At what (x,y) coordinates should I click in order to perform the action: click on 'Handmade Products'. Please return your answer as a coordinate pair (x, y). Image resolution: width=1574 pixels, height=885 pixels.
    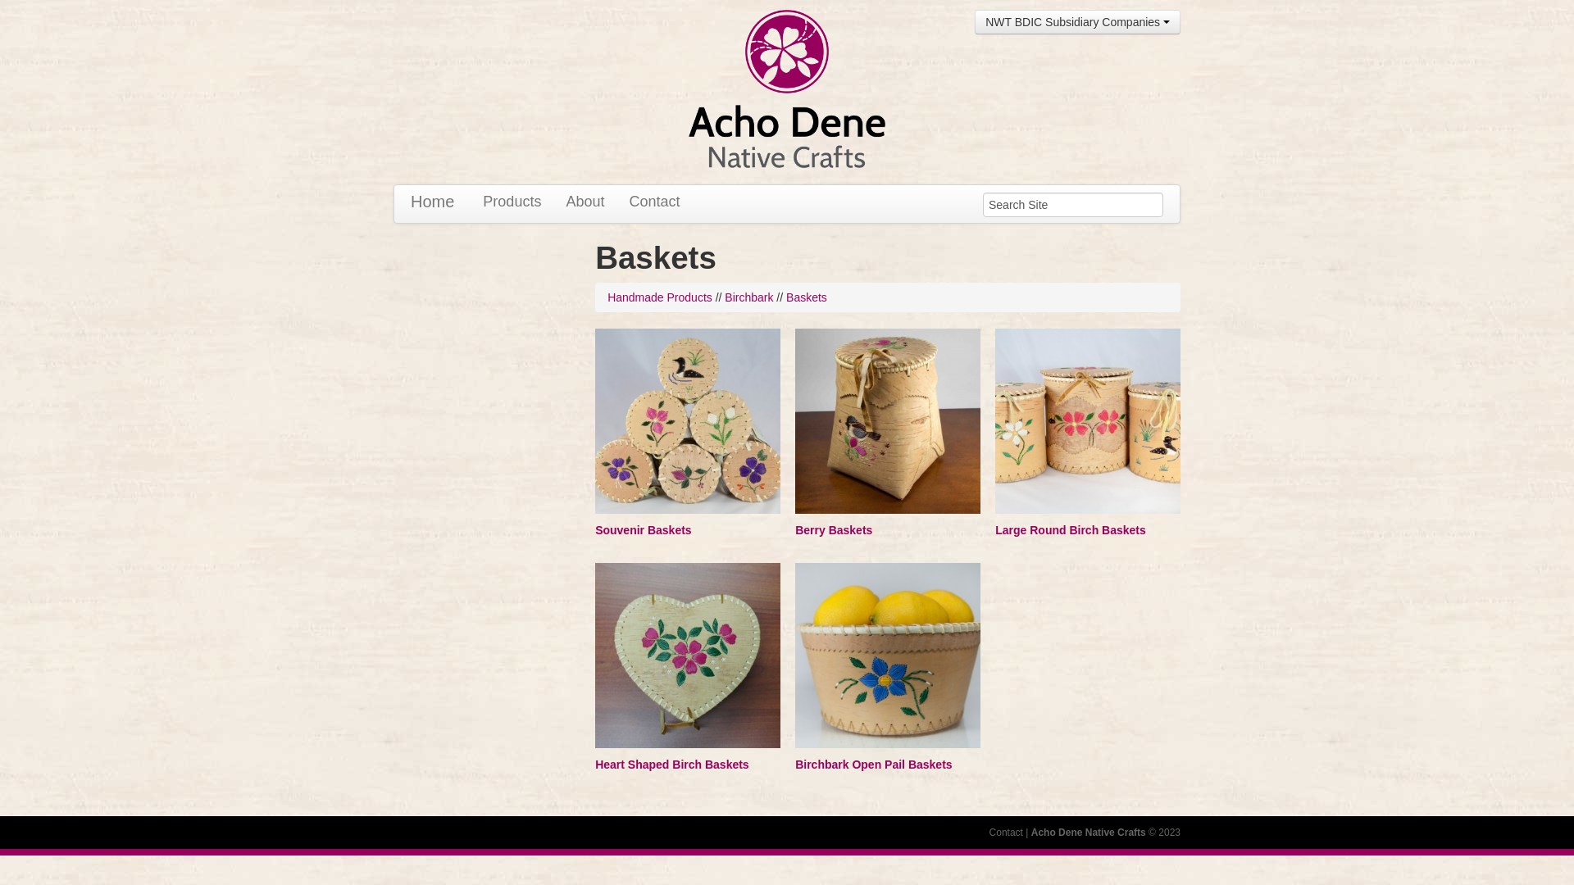
    Looking at the image, I should click on (660, 297).